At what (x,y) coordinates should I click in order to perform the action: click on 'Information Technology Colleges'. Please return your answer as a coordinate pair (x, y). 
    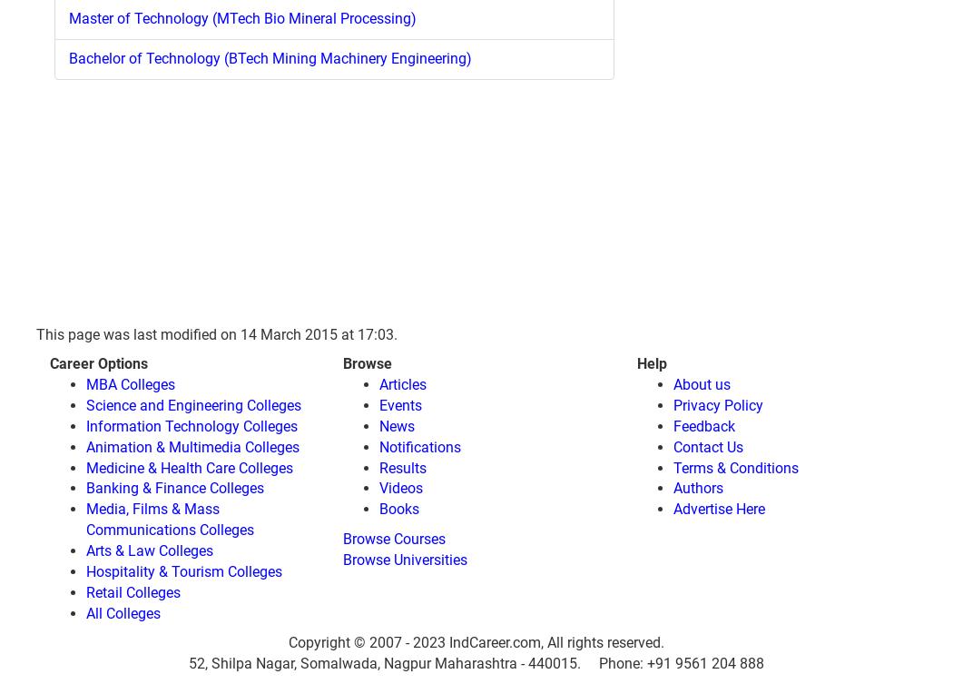
    Looking at the image, I should click on (191, 425).